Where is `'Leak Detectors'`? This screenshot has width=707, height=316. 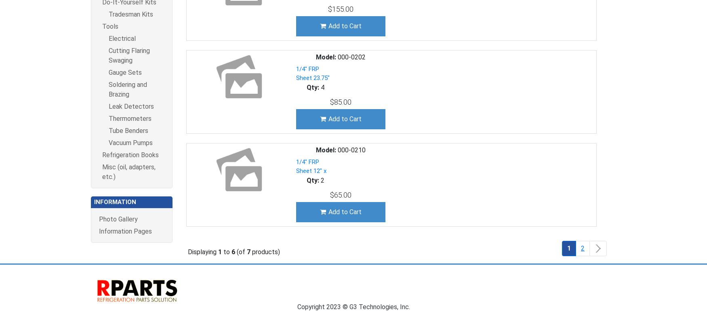
'Leak Detectors' is located at coordinates (131, 106).